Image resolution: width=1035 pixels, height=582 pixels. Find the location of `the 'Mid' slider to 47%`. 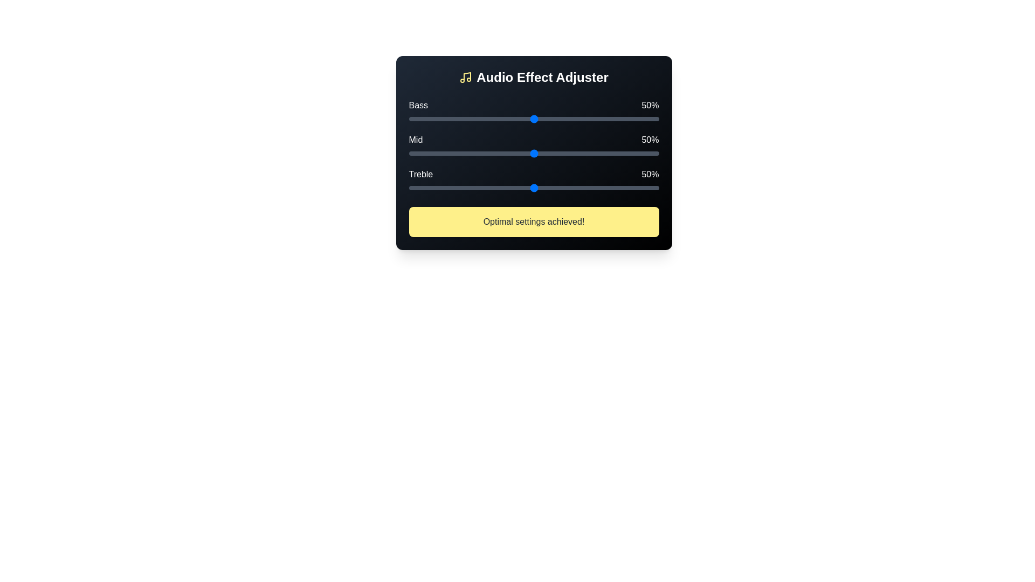

the 'Mid' slider to 47% is located at coordinates (526, 154).